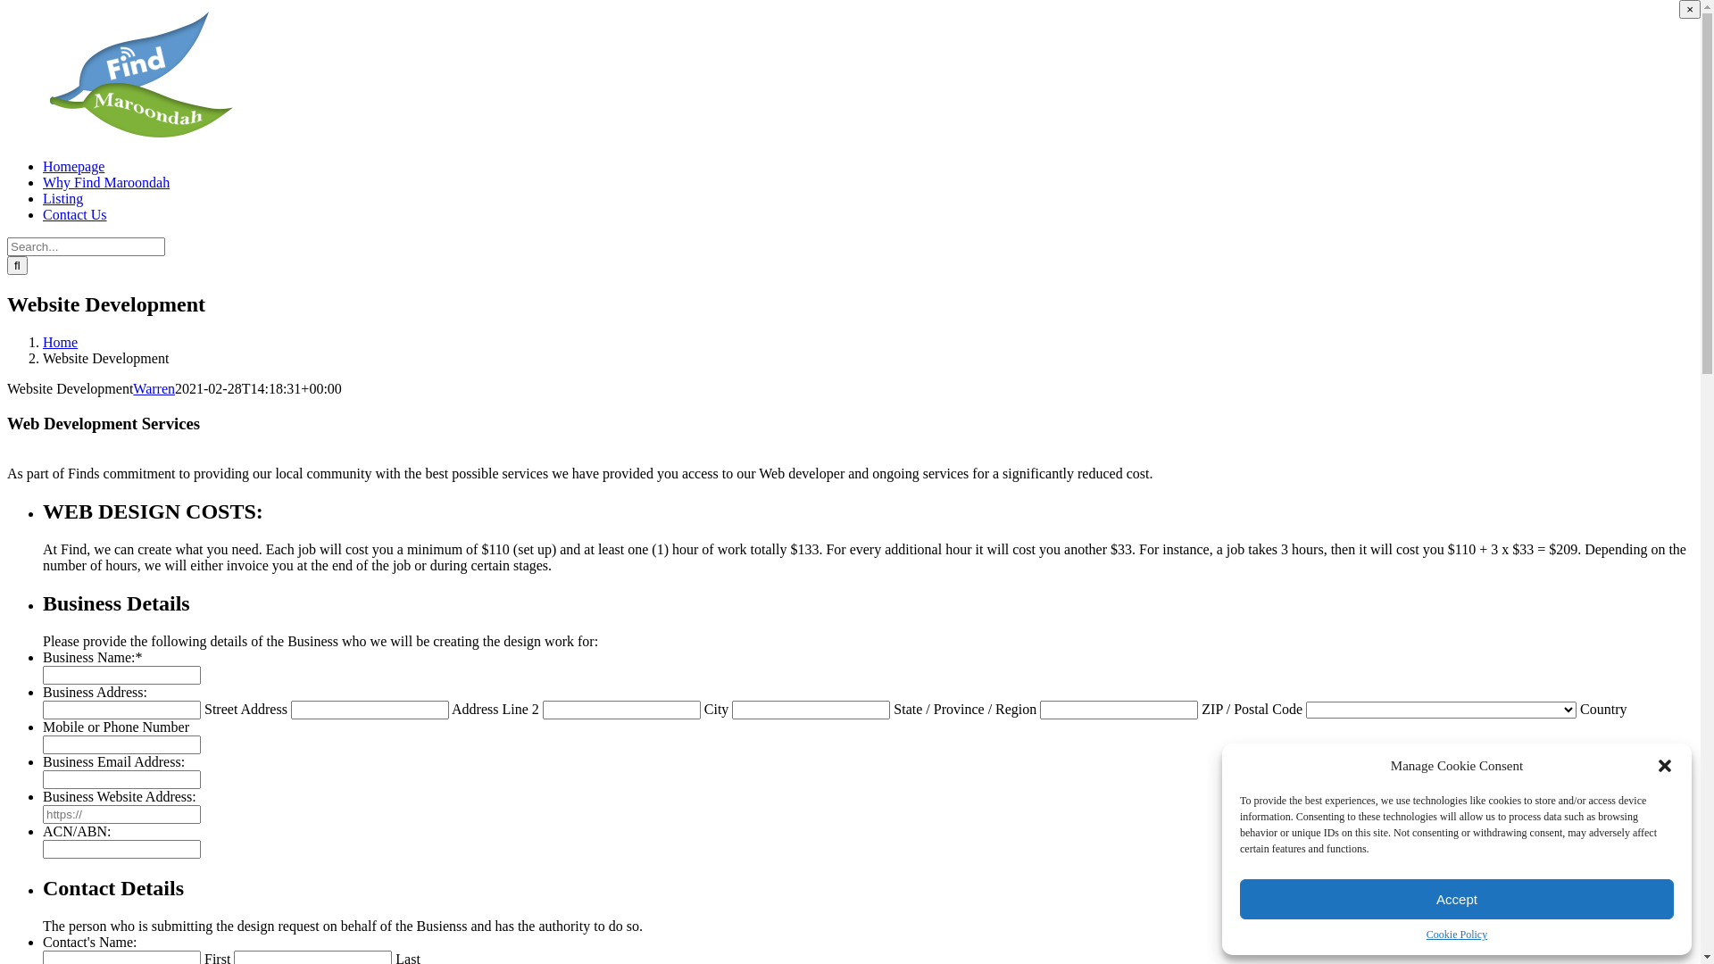  I want to click on 'Skip to content', so click(6, 6).